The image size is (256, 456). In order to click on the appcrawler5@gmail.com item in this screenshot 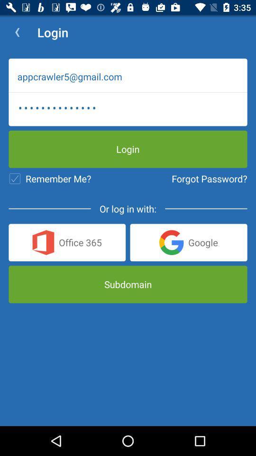, I will do `click(128, 76)`.